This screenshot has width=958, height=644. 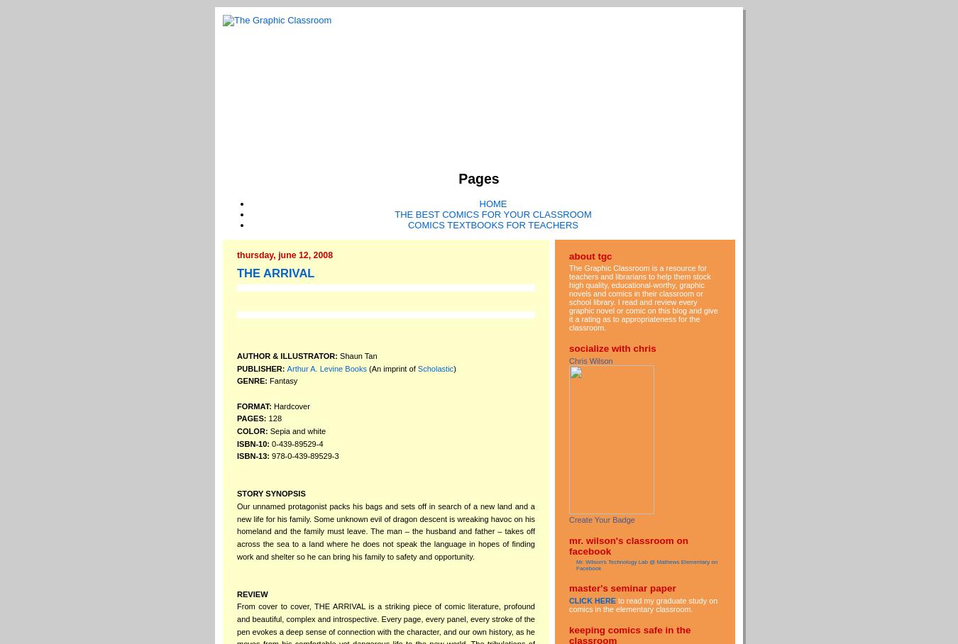 What do you see at coordinates (236, 255) in the screenshot?
I see `'Thursday, June 12, 2008'` at bounding box center [236, 255].